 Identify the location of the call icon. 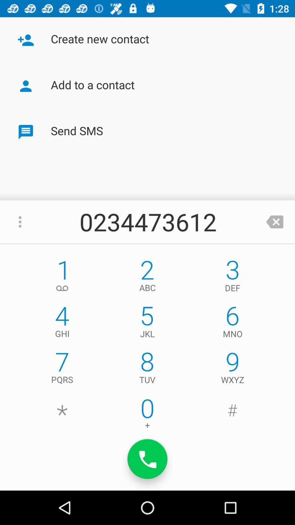
(147, 459).